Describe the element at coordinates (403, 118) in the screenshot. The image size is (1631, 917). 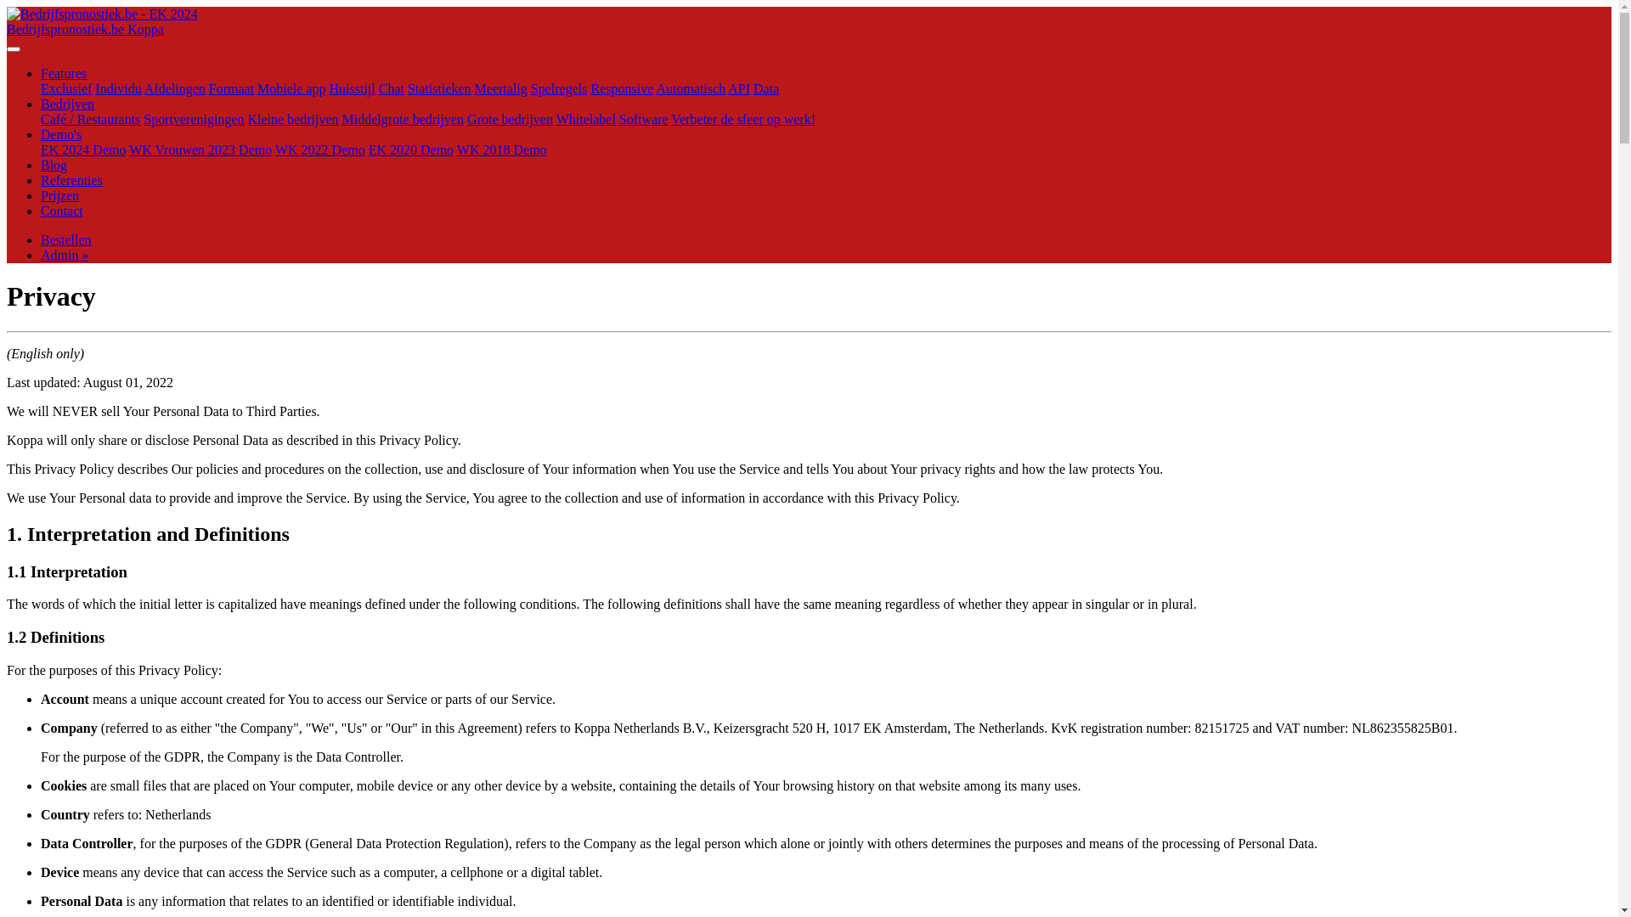
I see `'Middelgrote bedrijven'` at that location.